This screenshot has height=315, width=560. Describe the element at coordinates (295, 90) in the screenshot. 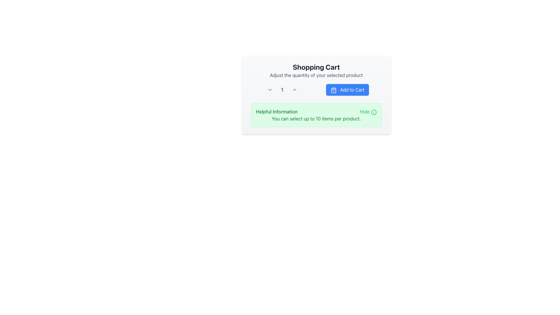

I see `the circular button with a subtle gray color and an upward chevron arrow to increase the quantity, located to the right of the number display '1' and above the blue 'Add to Cart' button` at that location.